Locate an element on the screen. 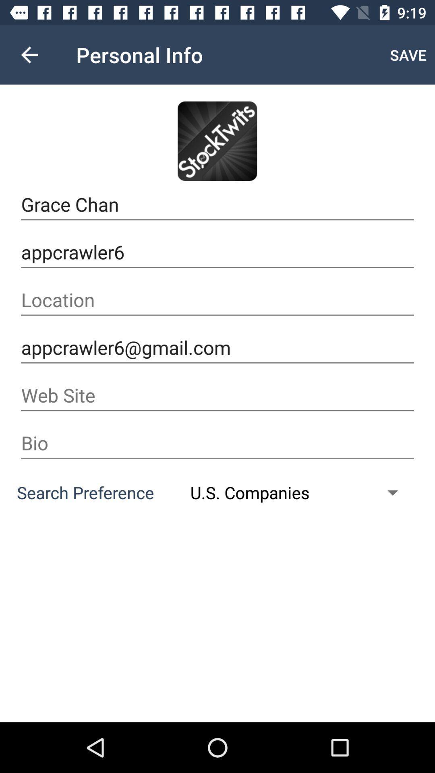 Image resolution: width=435 pixels, height=773 pixels. item above the u.s. companies is located at coordinates (217, 442).